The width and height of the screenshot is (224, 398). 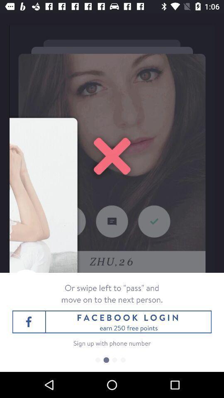 I want to click on the sign up with item, so click(x=112, y=343).